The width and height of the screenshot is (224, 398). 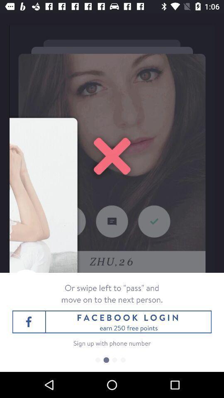 I want to click on the sign up with item, so click(x=112, y=343).